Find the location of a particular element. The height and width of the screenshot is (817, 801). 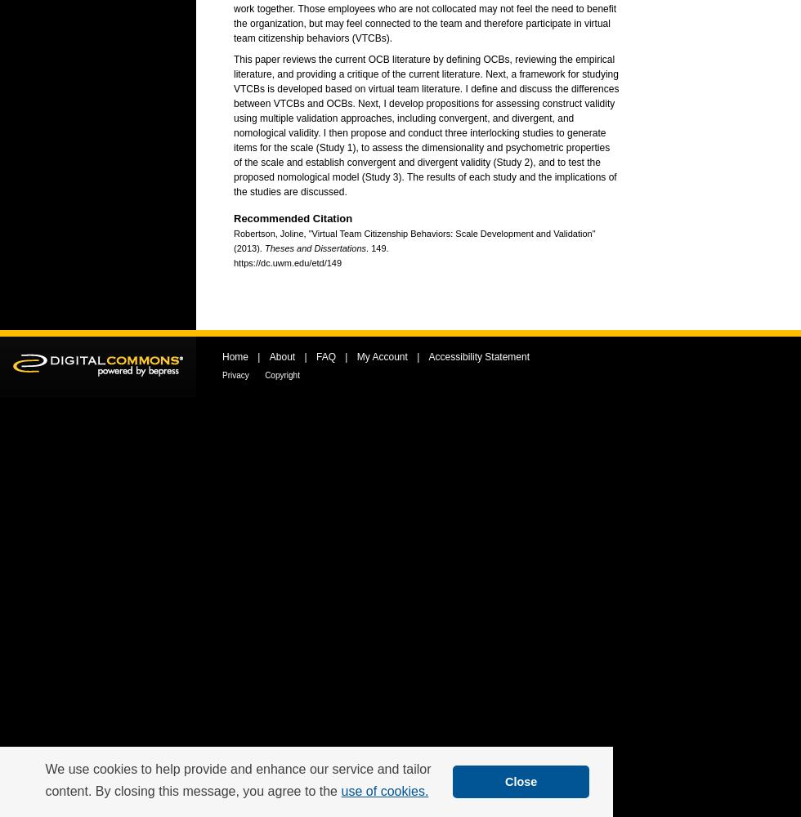

'Accessibility Statement' is located at coordinates (479, 357).